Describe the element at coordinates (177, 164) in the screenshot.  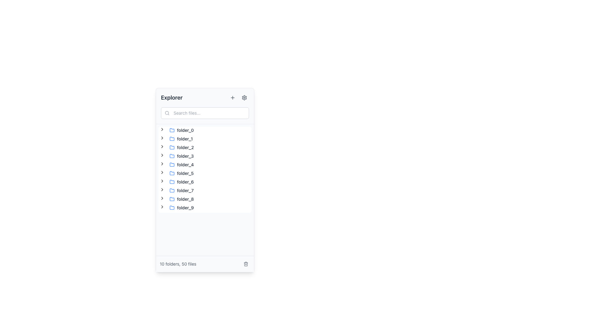
I see `the 'folder_4' directory entry in the file explorer` at that location.